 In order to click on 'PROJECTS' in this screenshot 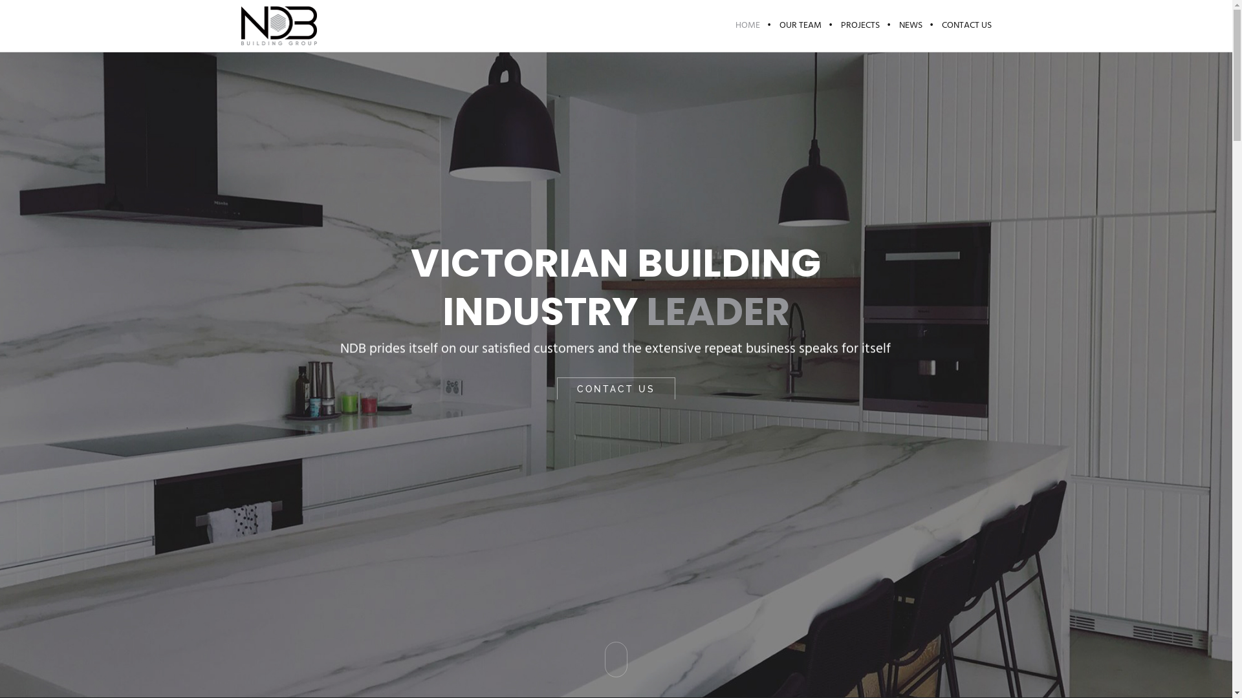, I will do `click(860, 25)`.